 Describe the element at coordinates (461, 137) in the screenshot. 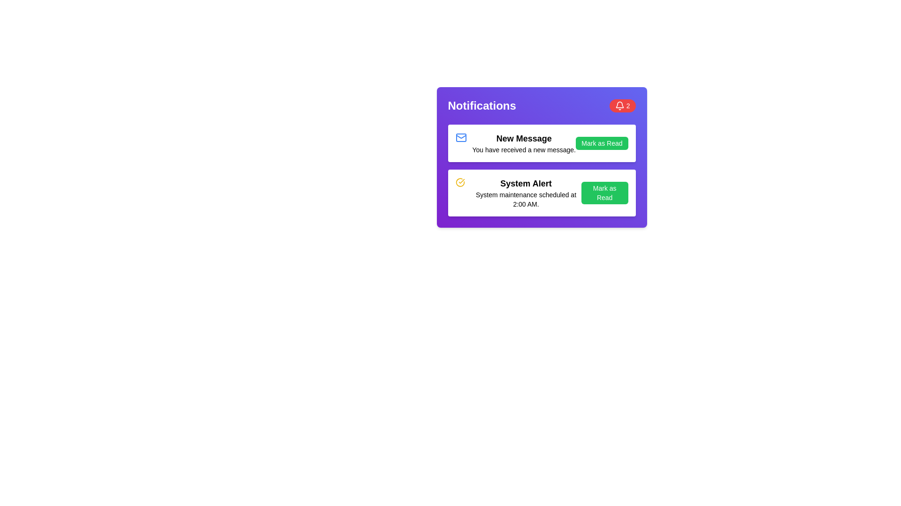

I see `the notification card by clicking on the icon that signifies a new message, located at the top-left corner of the notification block` at that location.